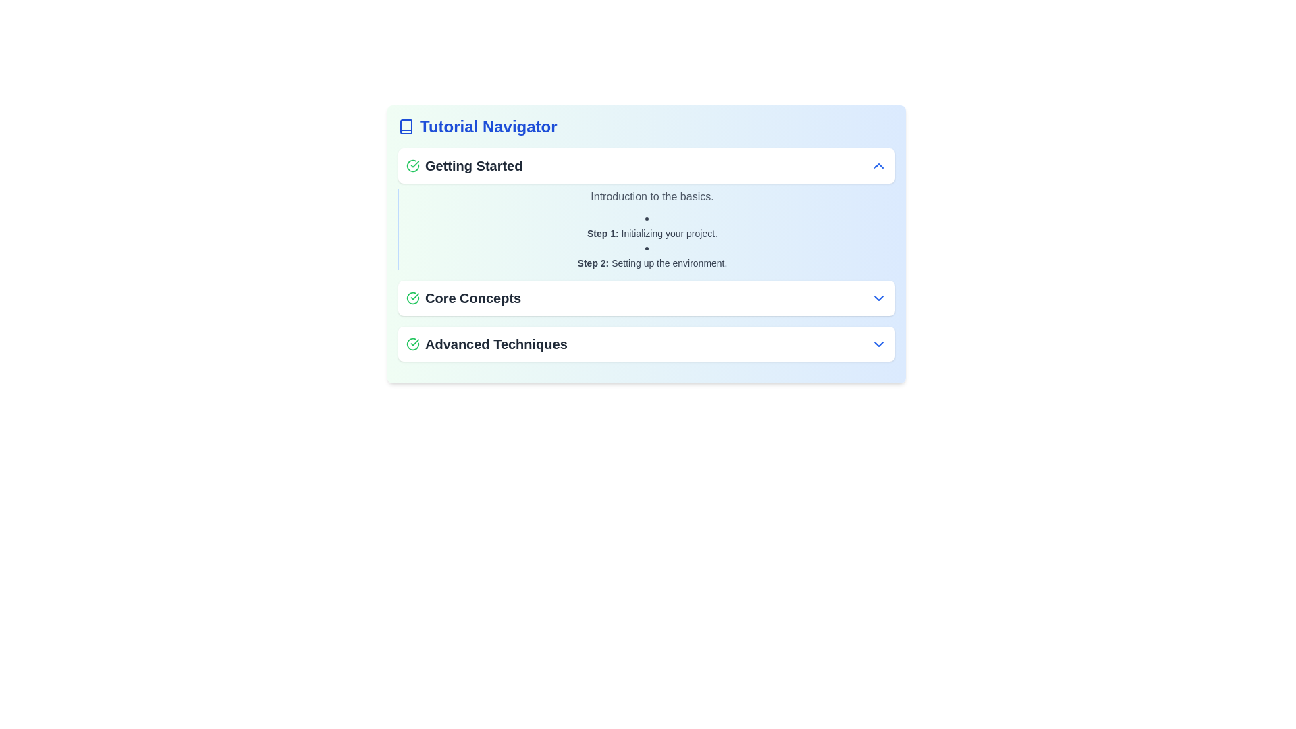  What do you see at coordinates (652, 255) in the screenshot?
I see `the instructional text block that is the second item in the bullet-point list within the 'Getting Started' section of the 'Tutorial Navigator', located immediately below 'Step 1: Initializing your project.'` at bounding box center [652, 255].